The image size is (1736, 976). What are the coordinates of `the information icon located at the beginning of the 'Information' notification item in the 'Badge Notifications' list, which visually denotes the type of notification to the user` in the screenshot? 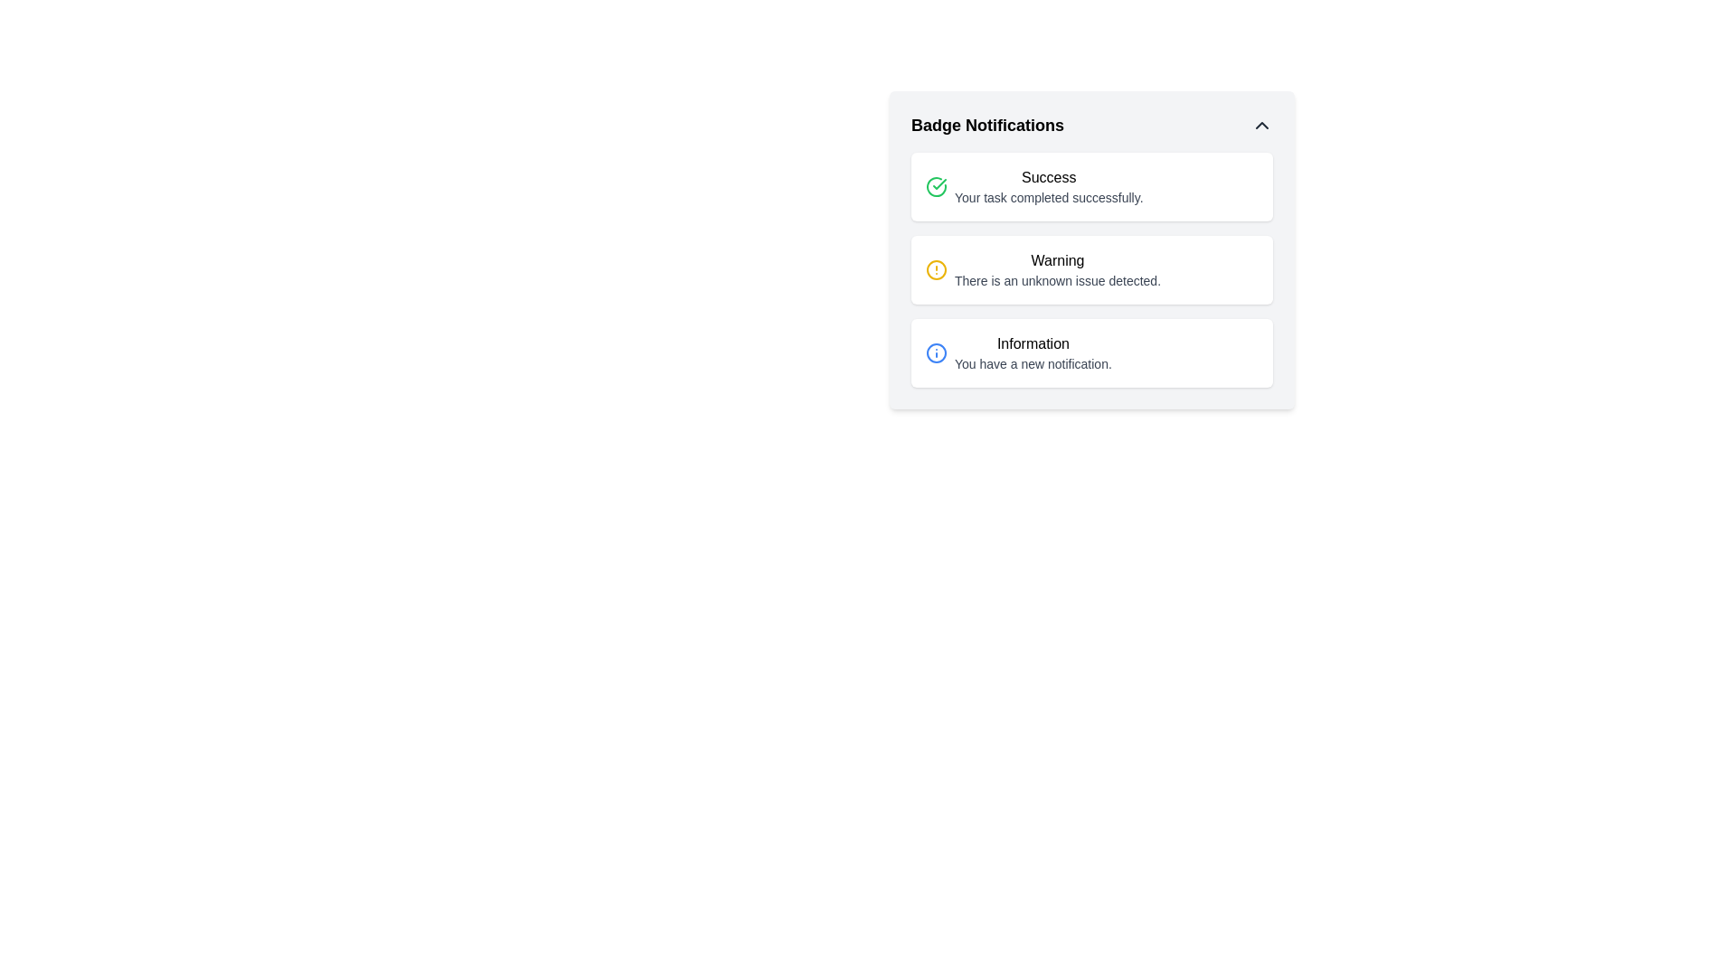 It's located at (937, 352).